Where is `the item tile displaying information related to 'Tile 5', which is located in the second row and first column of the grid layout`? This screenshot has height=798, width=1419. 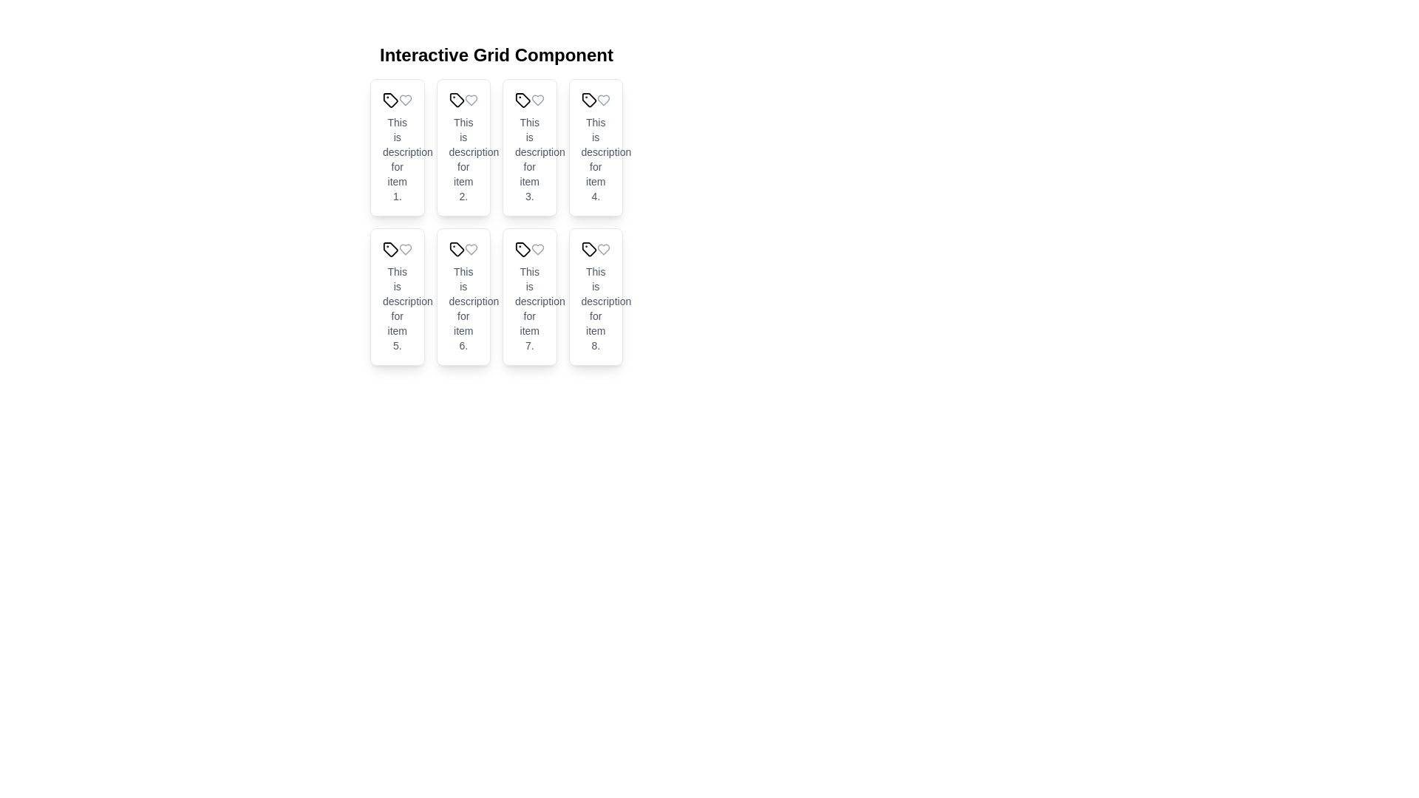
the item tile displaying information related to 'Tile 5', which is located in the second row and first column of the grid layout is located at coordinates (397, 296).